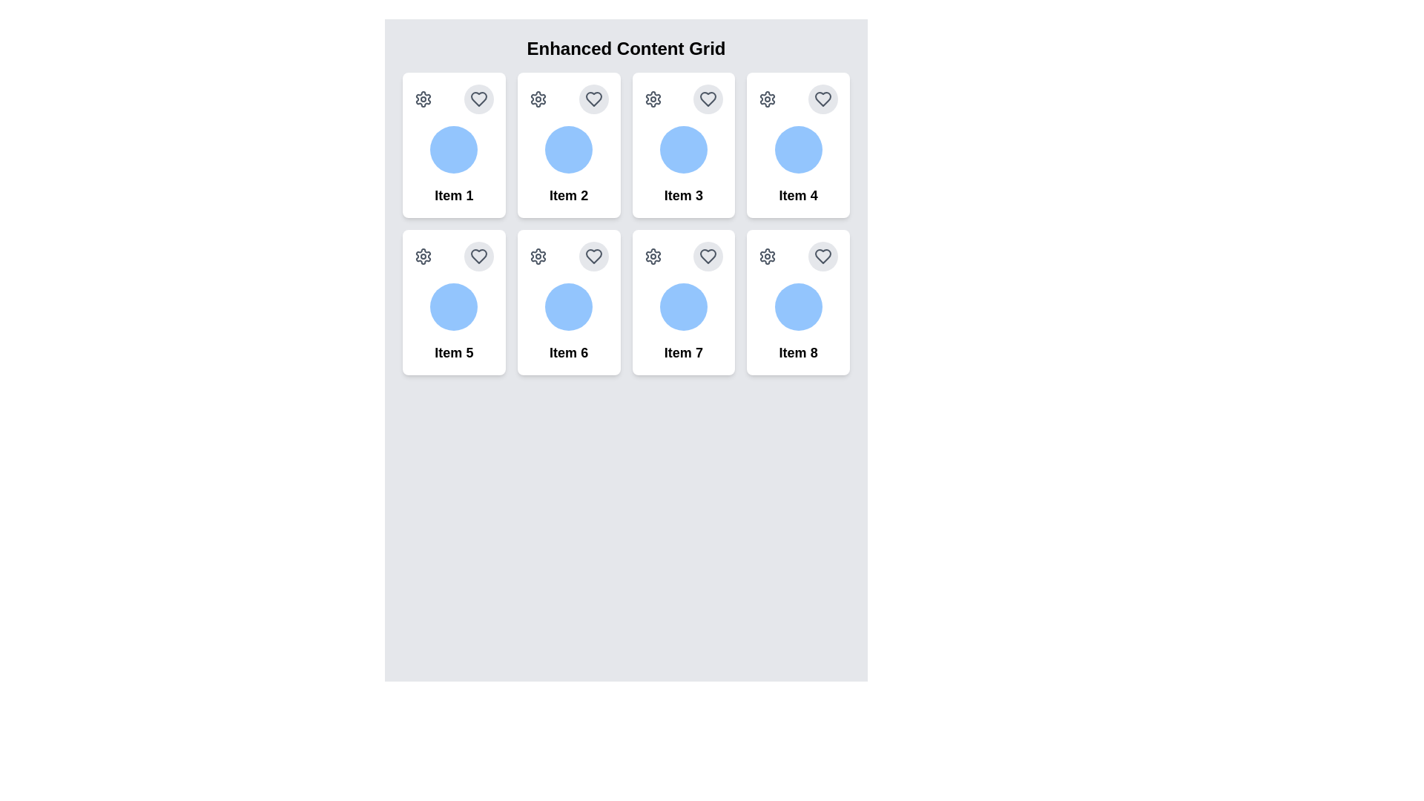  What do you see at coordinates (626, 47) in the screenshot?
I see `text heading displaying 'Enhanced Content Grid', which is styled in bold and located at the top of the content grid layout` at bounding box center [626, 47].